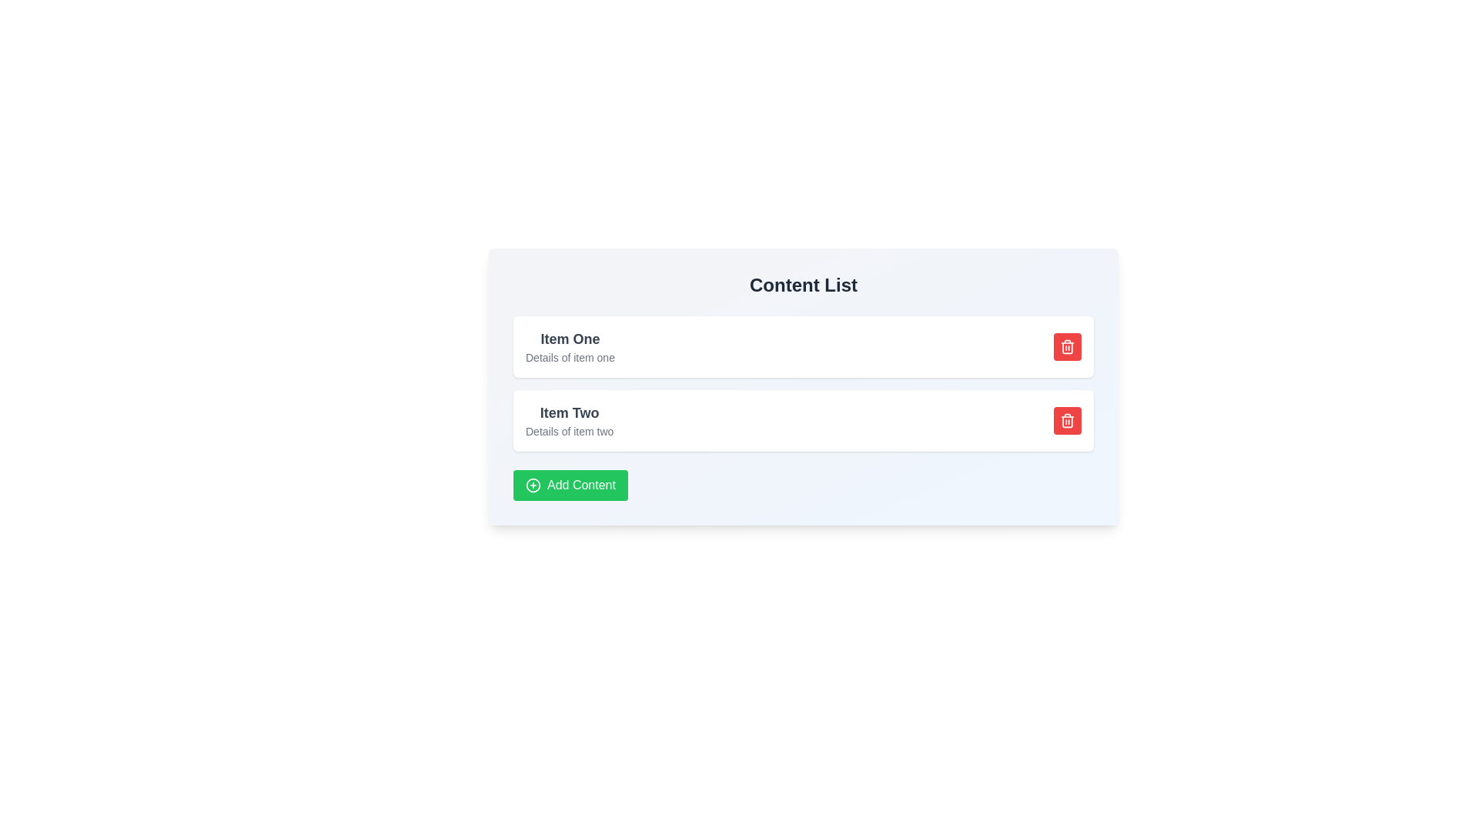  I want to click on the trash can icon representing the delete button for a content item, located to the right of two listed content items in the control panel of the second item, so click(1067, 421).